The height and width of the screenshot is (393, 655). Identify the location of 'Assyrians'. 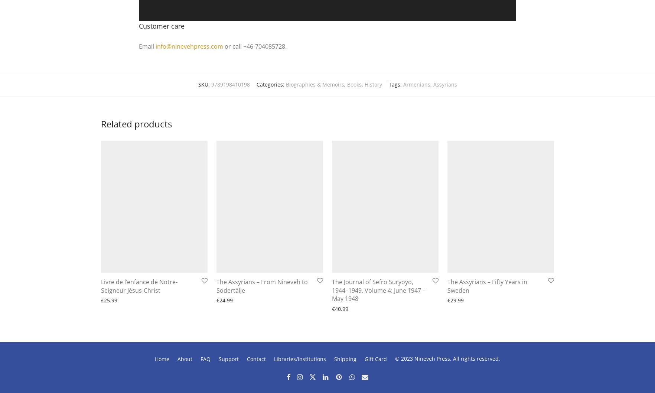
(444, 84).